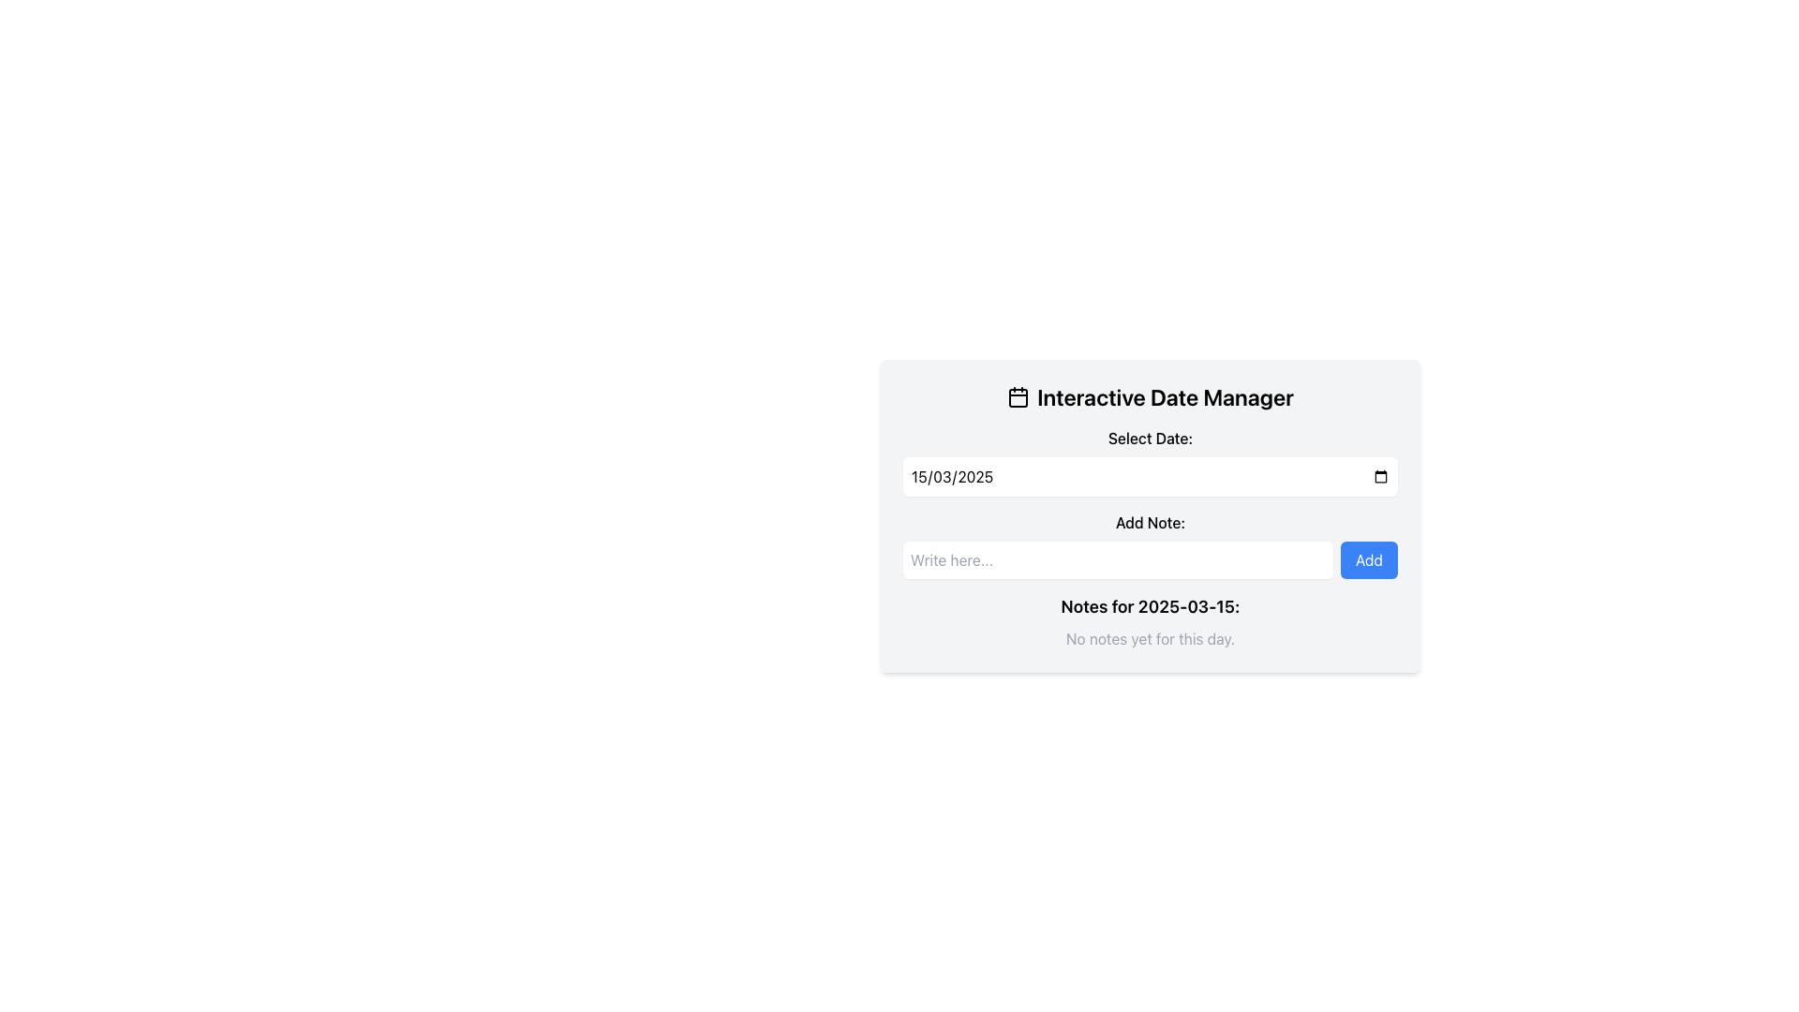  Describe the element at coordinates (1018, 396) in the screenshot. I see `the calendar icon located to the left of the 'Interactive Date Manager' title in the header` at that location.